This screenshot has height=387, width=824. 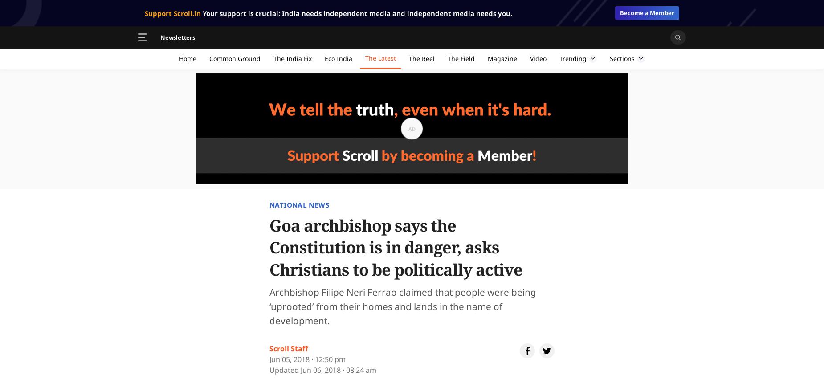 I want to click on 'Eco India', so click(x=338, y=58).